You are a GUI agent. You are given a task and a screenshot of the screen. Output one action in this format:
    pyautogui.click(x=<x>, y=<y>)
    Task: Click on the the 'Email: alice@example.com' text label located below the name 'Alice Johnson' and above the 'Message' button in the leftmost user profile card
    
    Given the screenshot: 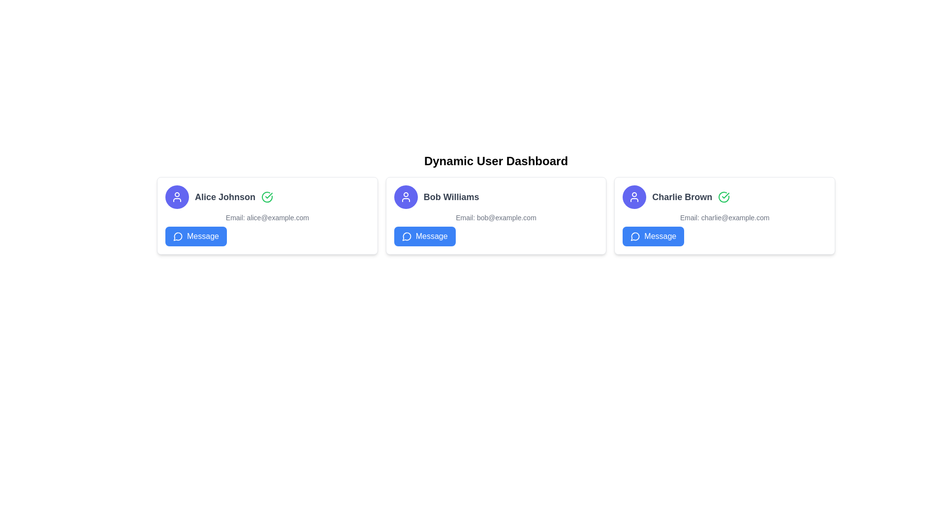 What is the action you would take?
    pyautogui.click(x=267, y=217)
    